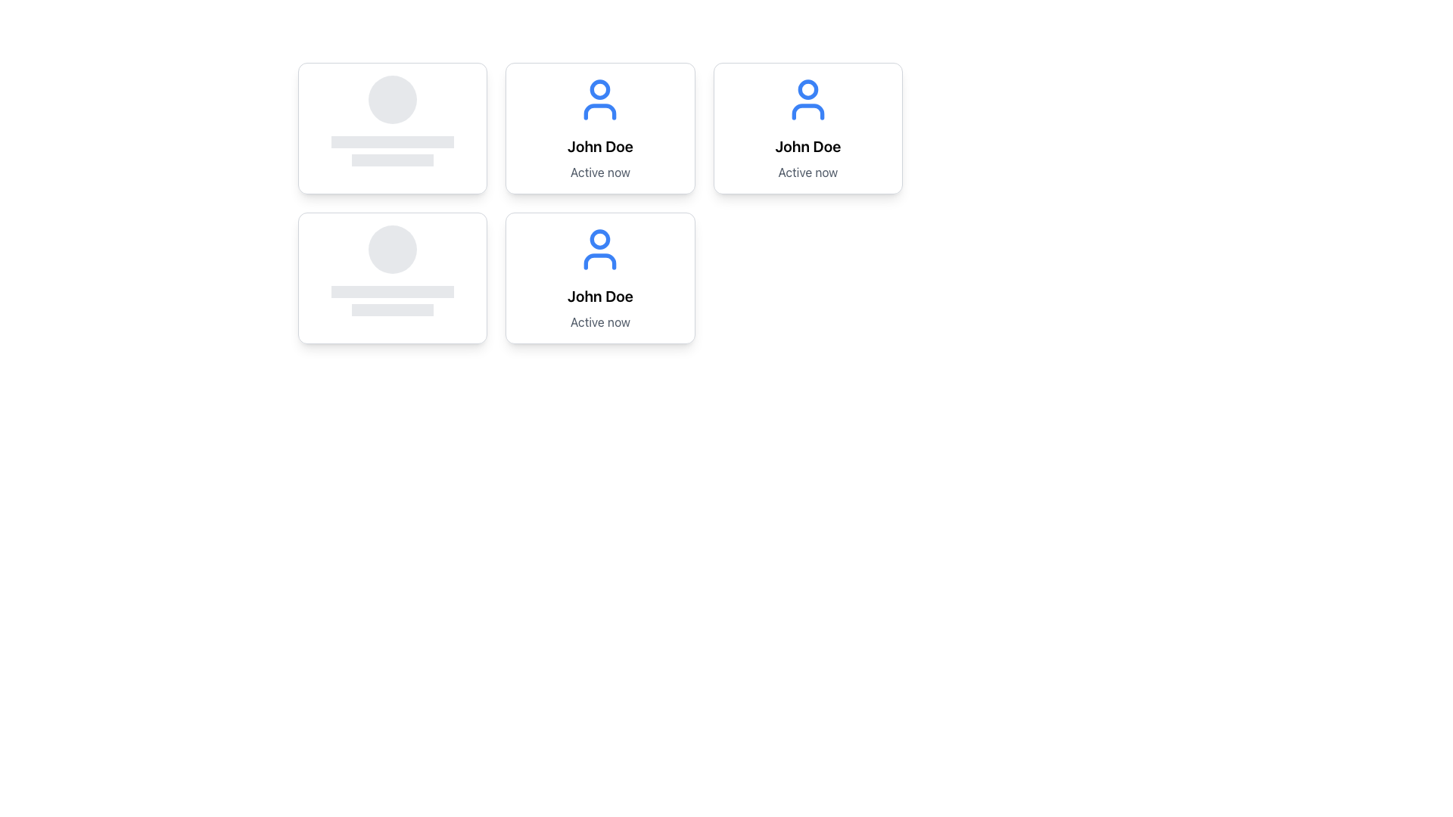 Image resolution: width=1453 pixels, height=817 pixels. What do you see at coordinates (599, 297) in the screenshot?
I see `the Text label displaying 'John Doe', which is styled prominently and positioned in the card layout beneath the user icon and above 'Active now'` at bounding box center [599, 297].